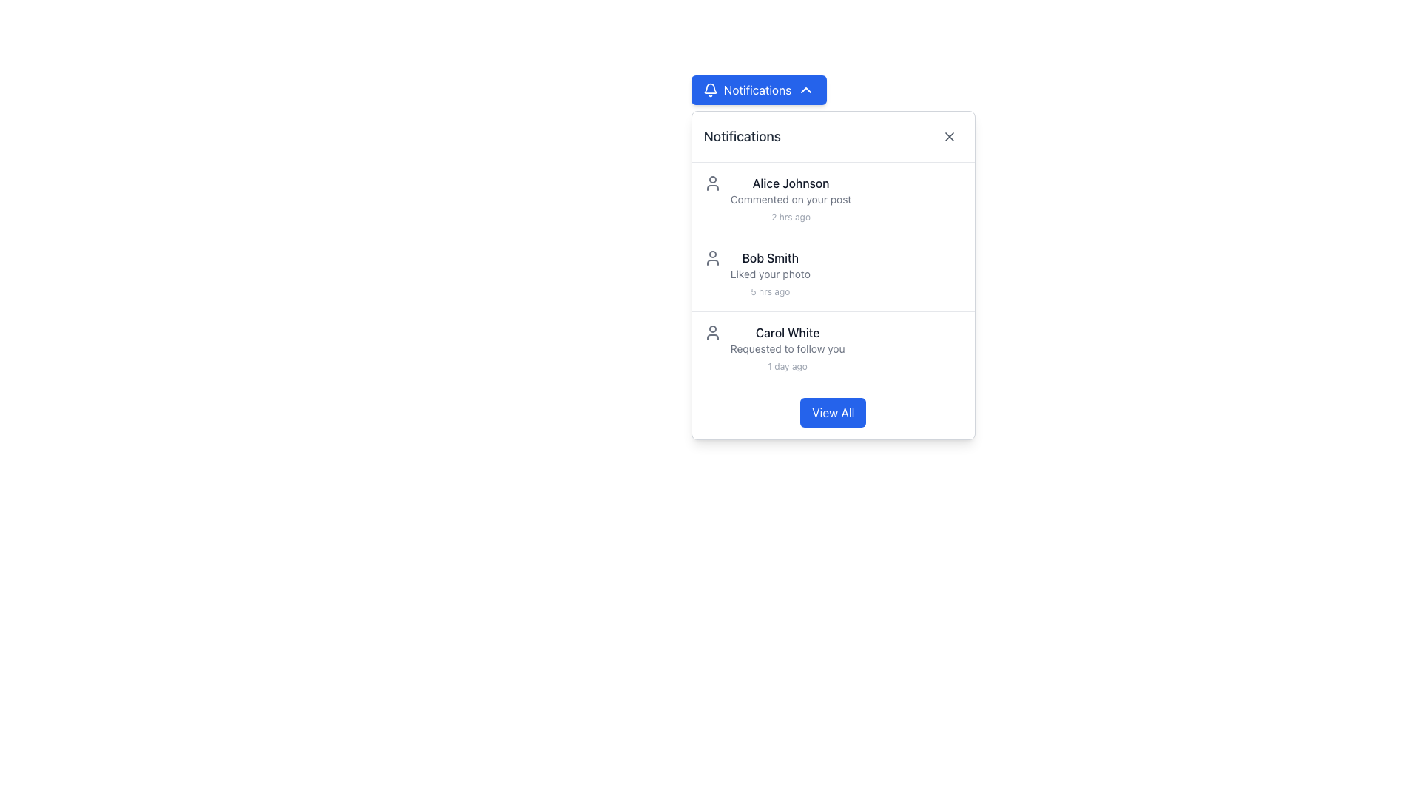  I want to click on the message text 'Commented on your post' of the notification entry for 'Alice Johnson', which is the first item in the notification pane, so click(790, 200).